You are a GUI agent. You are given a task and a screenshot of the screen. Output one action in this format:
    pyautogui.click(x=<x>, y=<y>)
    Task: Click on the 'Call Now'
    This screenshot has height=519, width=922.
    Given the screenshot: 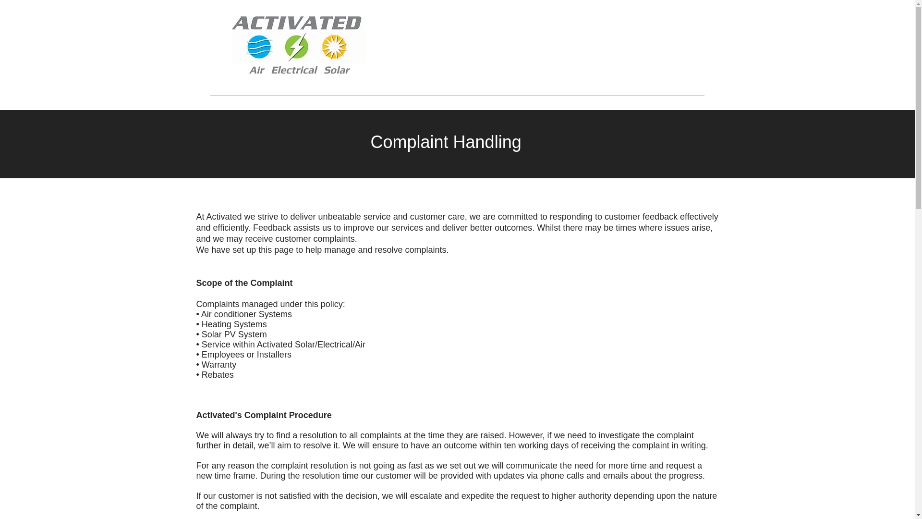 What is the action you would take?
    pyautogui.click(x=607, y=48)
    